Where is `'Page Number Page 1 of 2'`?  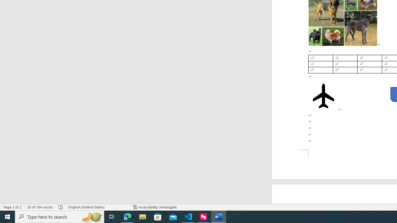
'Page Number Page 1 of 2' is located at coordinates (12, 207).